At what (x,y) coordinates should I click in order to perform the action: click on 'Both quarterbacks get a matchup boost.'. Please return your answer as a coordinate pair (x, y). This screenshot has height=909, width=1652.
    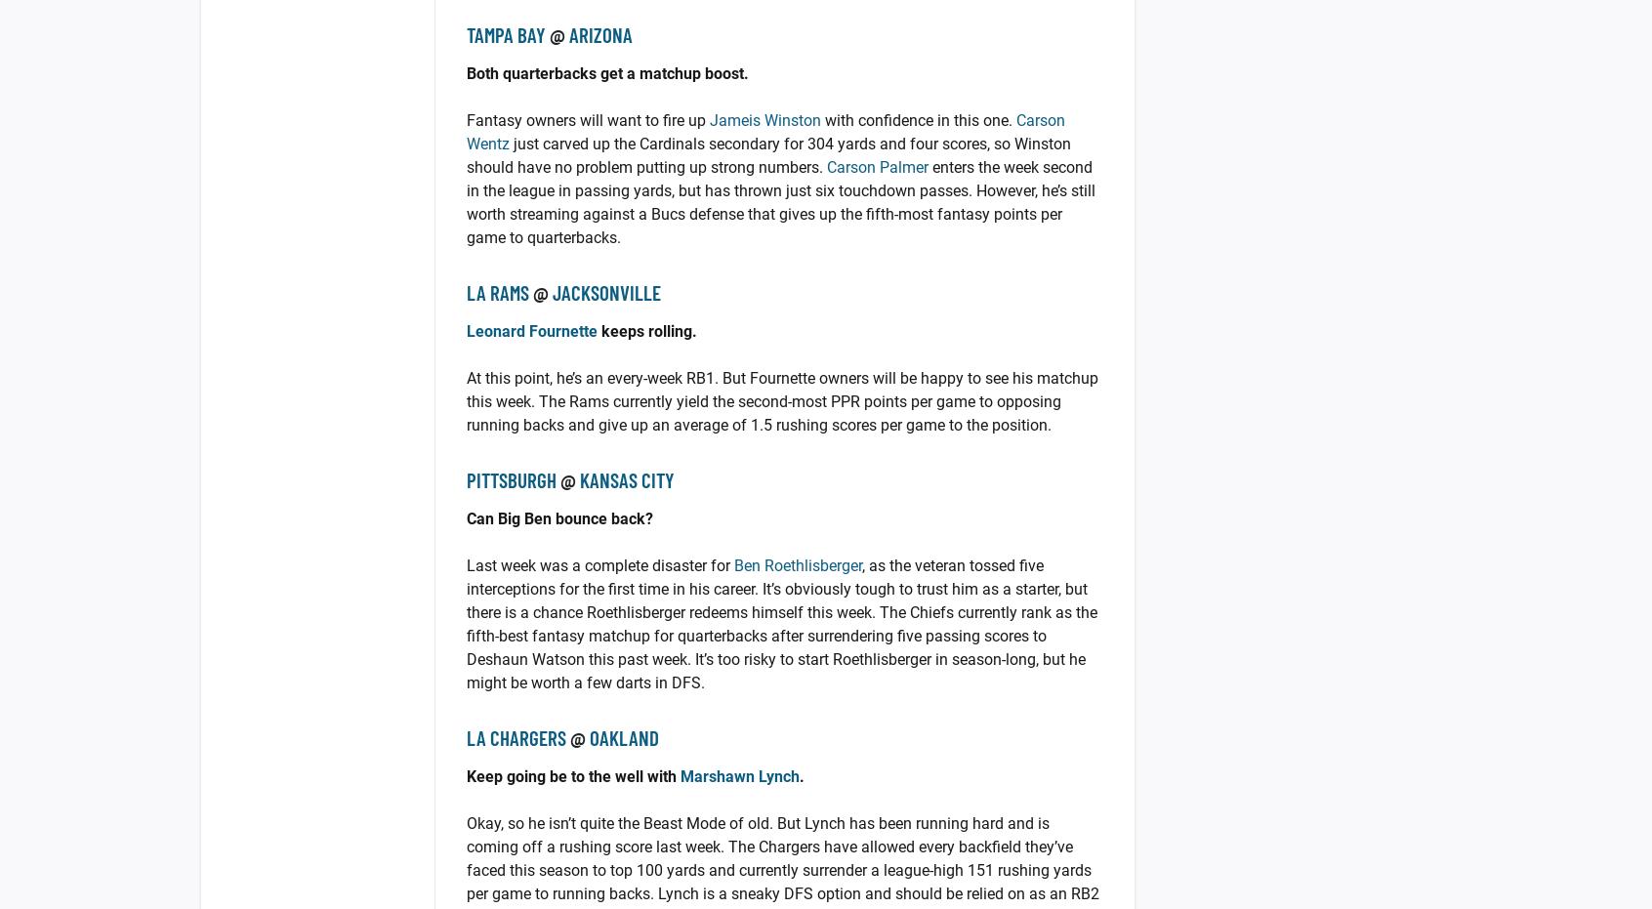
    Looking at the image, I should click on (606, 73).